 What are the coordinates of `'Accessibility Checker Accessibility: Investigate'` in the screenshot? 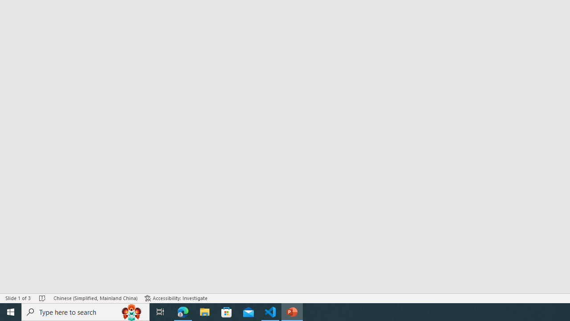 It's located at (176, 298).